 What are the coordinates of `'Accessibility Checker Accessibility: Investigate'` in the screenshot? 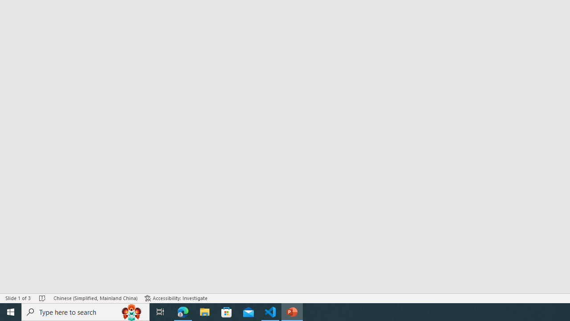 It's located at (176, 298).